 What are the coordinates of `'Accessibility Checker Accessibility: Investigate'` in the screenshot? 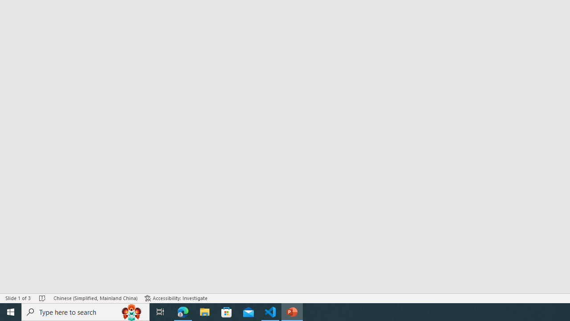 It's located at (176, 298).